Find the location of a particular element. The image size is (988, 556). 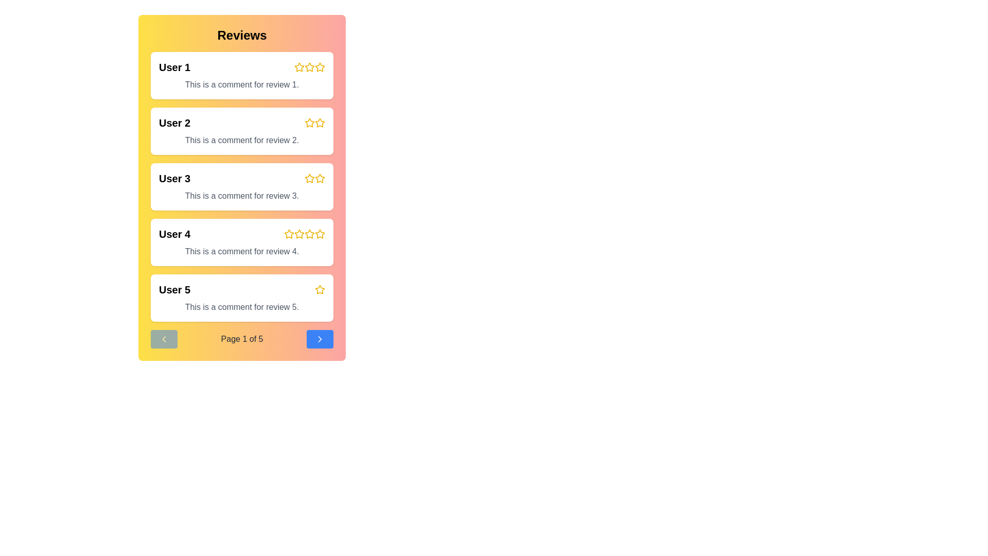

the fourth star-shaped rating icon with a golden outline for 'User 4' is located at coordinates (298, 234).